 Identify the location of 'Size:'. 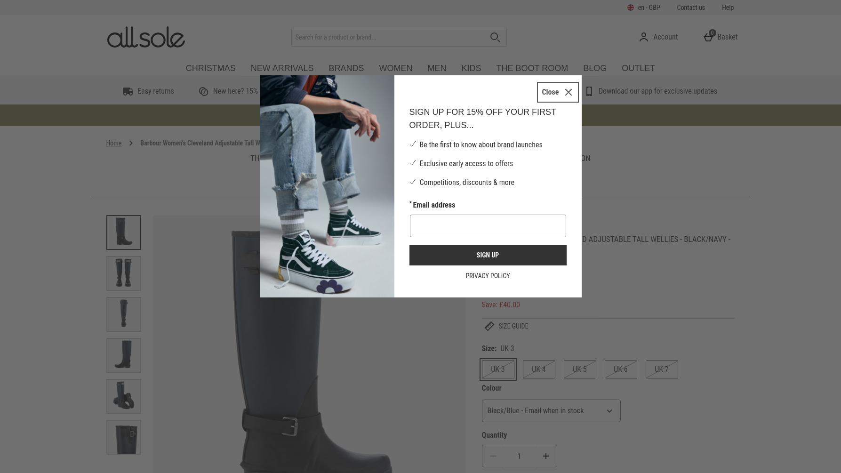
(488, 348).